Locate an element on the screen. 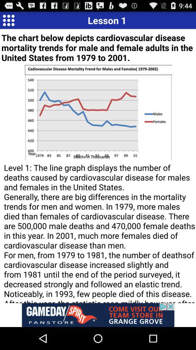  setting option is located at coordinates (8, 20).